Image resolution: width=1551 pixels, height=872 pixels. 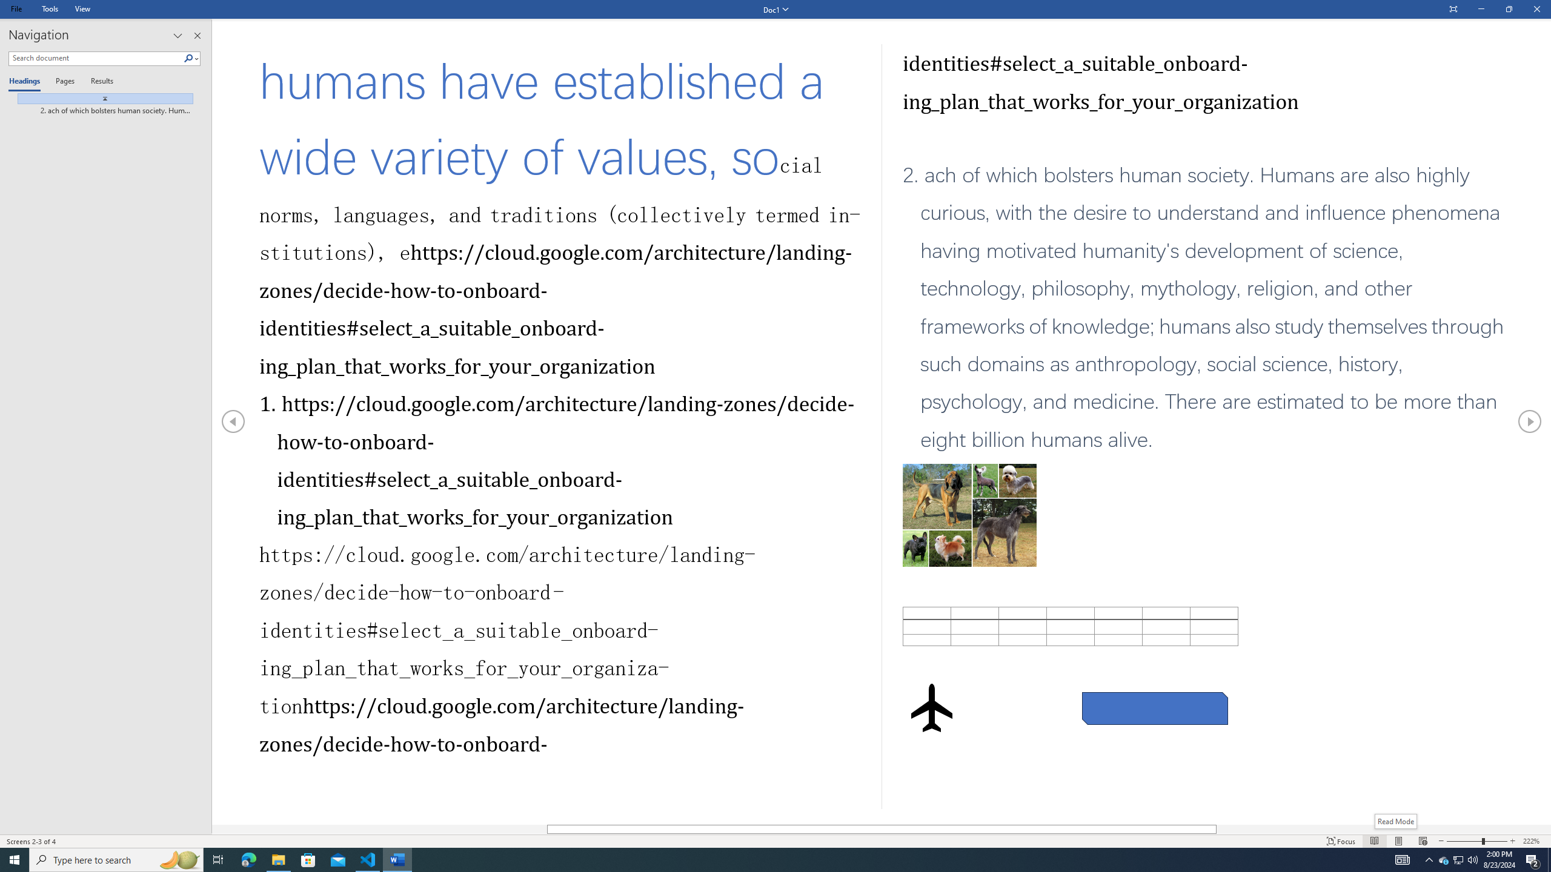 What do you see at coordinates (1155, 708) in the screenshot?
I see `'Rectangle: Diagonal Corners Snipped 2'` at bounding box center [1155, 708].